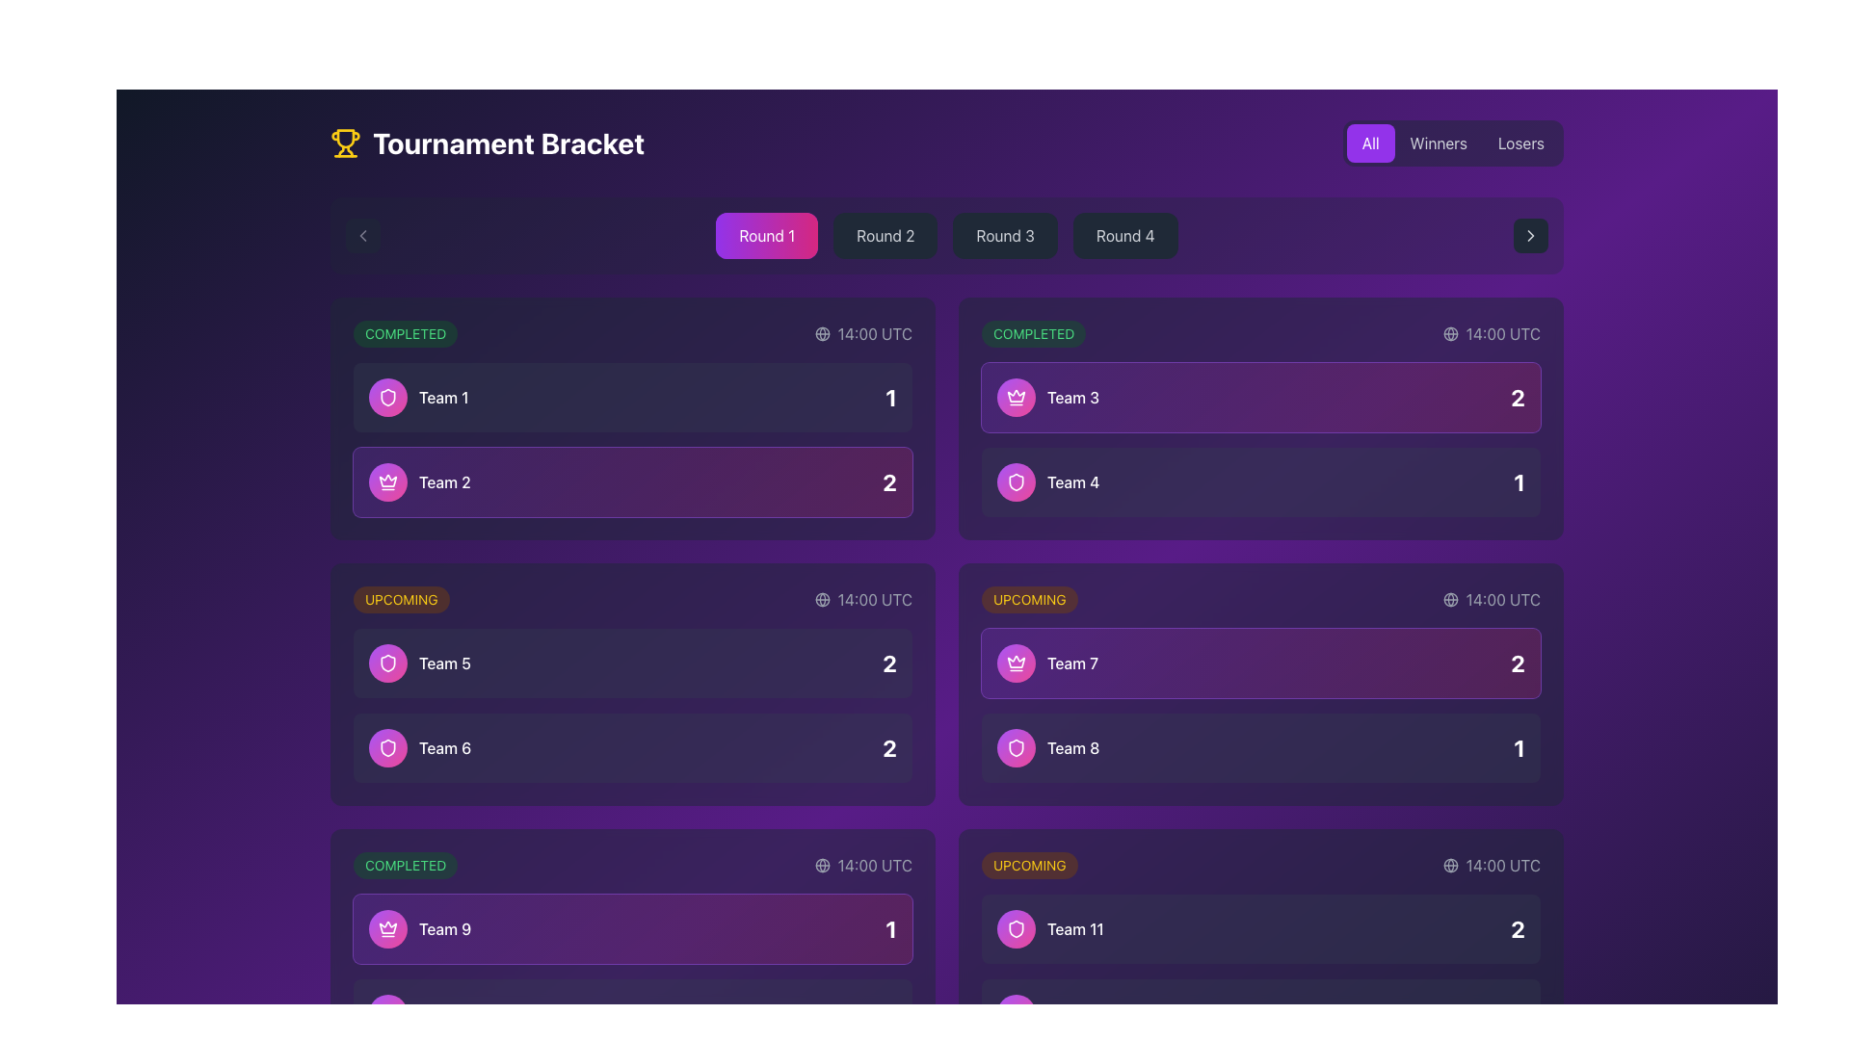 The height and width of the screenshot is (1040, 1850). Describe the element at coordinates (1016, 481) in the screenshot. I see `the shield icon with a rounded shape and gradient border located next to the text 'Team 8'` at that location.